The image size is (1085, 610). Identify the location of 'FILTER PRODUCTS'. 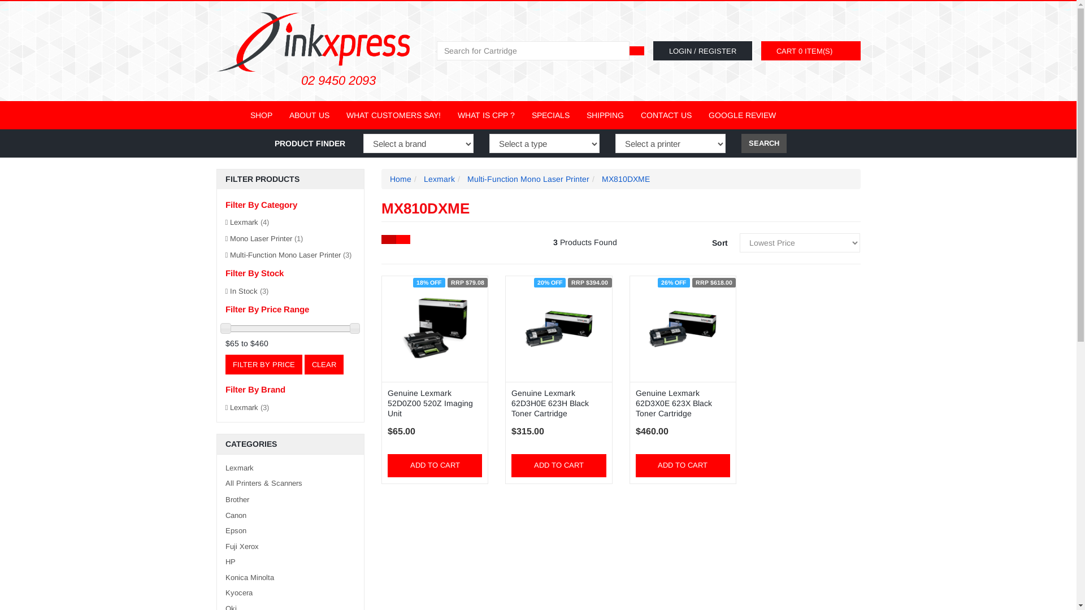
(290, 178).